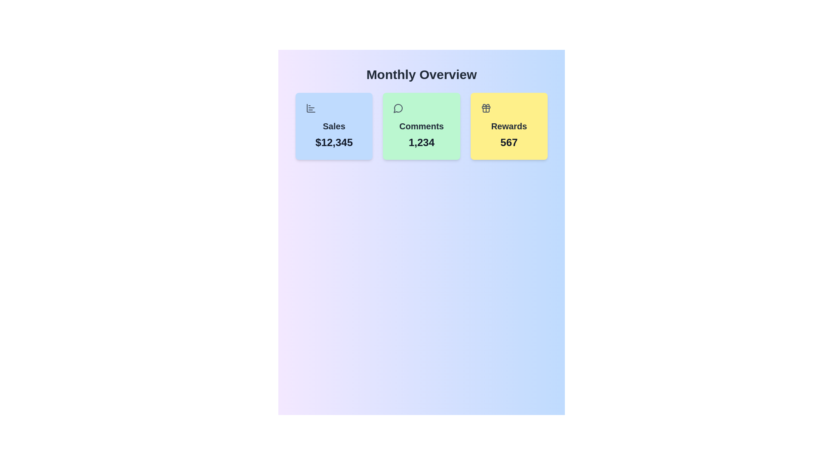 The image size is (826, 464). I want to click on the 'Sales' text label, which indicates the monetary value '$12,345' below it, located in the leftmost section of a three-section layout, so click(333, 126).